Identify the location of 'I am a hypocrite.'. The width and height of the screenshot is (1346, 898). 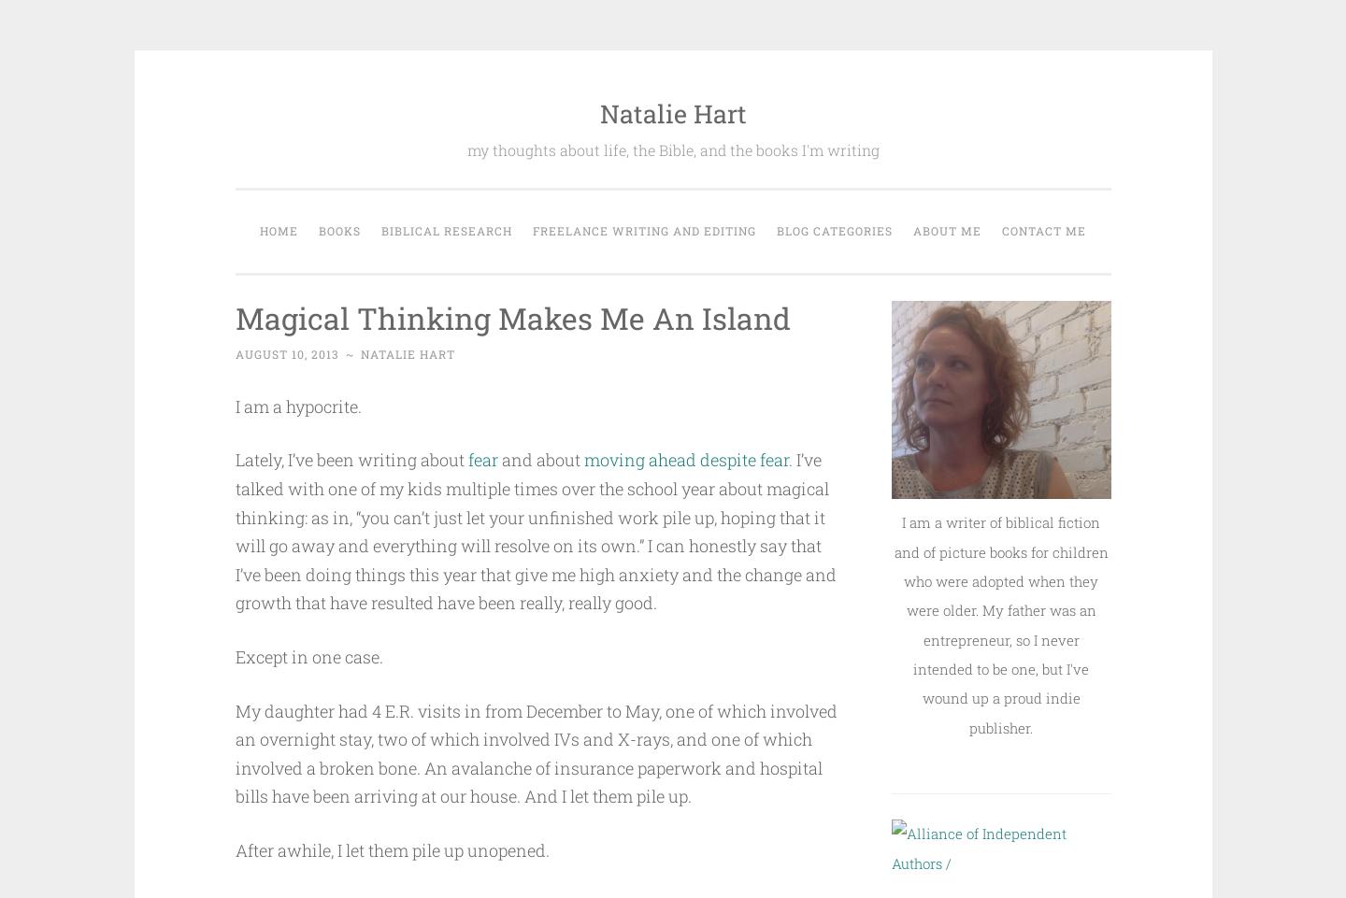
(297, 404).